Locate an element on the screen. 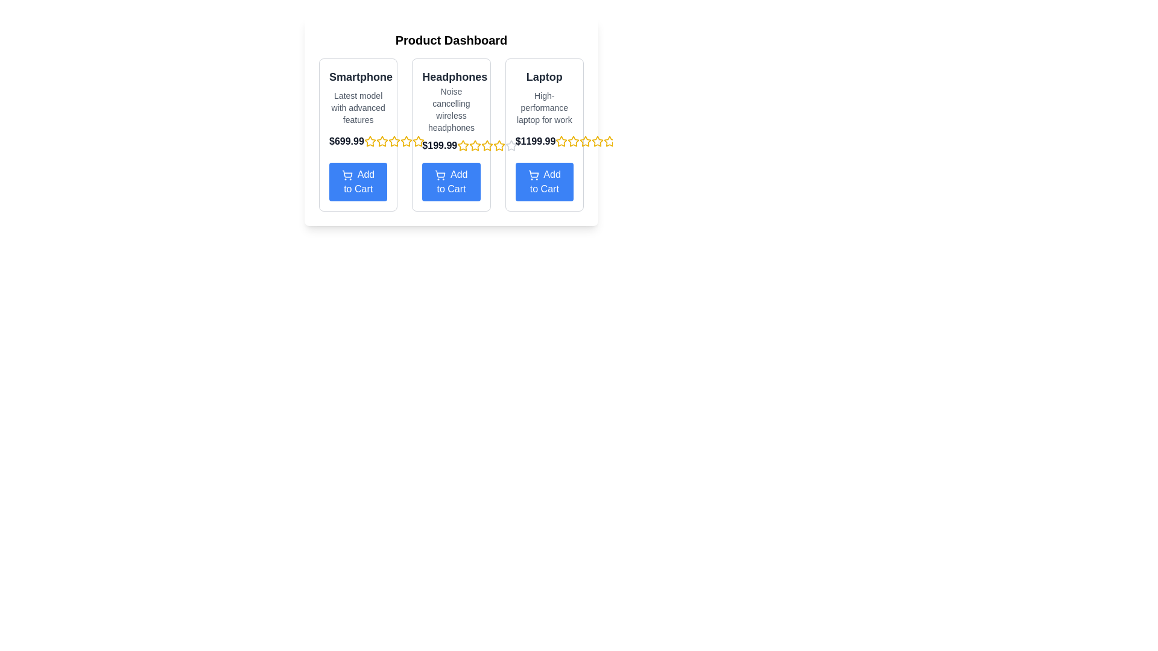  the seventh yellow star icon in the rating system located below the price information of the 'Headphones' product card is located at coordinates (406, 141).